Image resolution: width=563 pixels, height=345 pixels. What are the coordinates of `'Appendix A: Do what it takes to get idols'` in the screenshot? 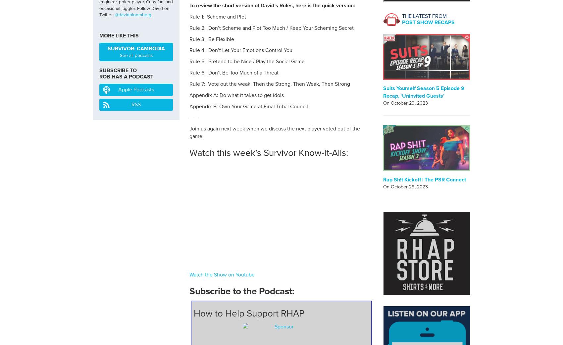 It's located at (236, 95).